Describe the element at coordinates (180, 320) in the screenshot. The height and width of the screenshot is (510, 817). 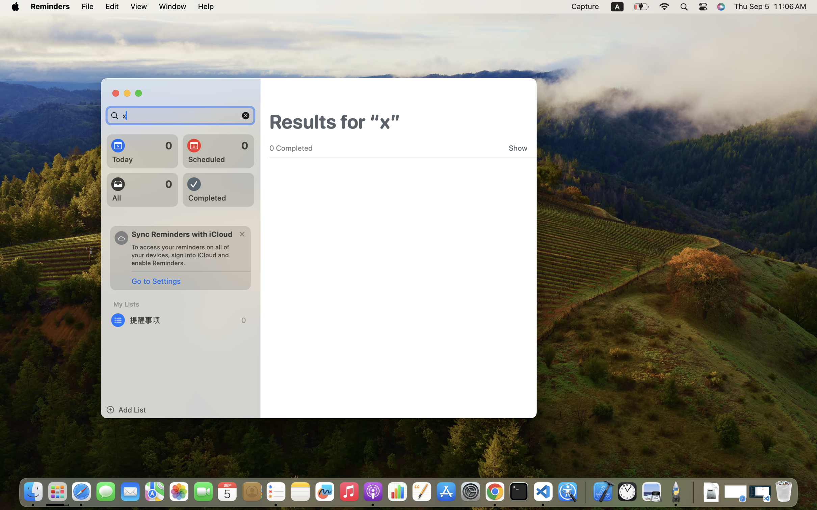
I see `'提醒事项'` at that location.